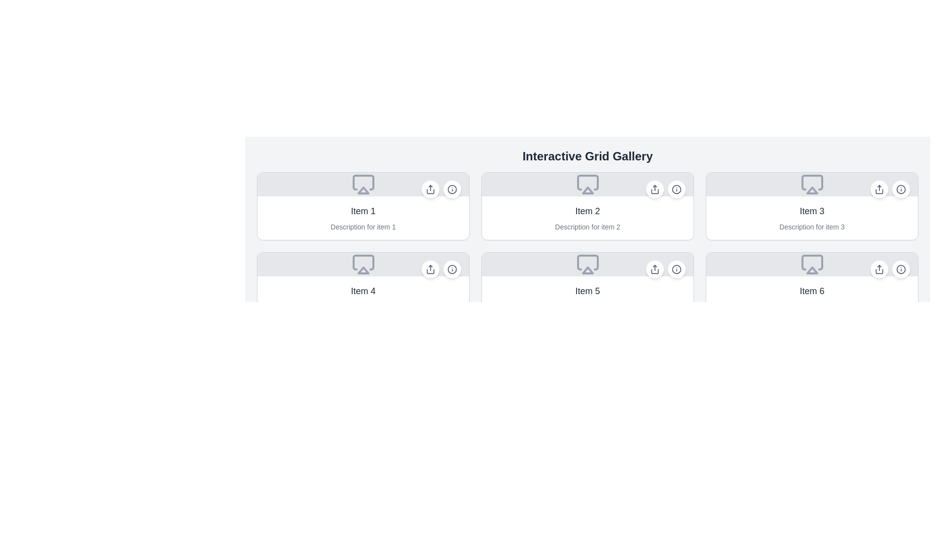 The width and height of the screenshot is (947, 533). Describe the element at coordinates (587, 227) in the screenshot. I see `the text label that contains 'Description for item 2', which is styled with a small font size and gray color, located directly below the title 'Item 2' in the second card of the top row` at that location.